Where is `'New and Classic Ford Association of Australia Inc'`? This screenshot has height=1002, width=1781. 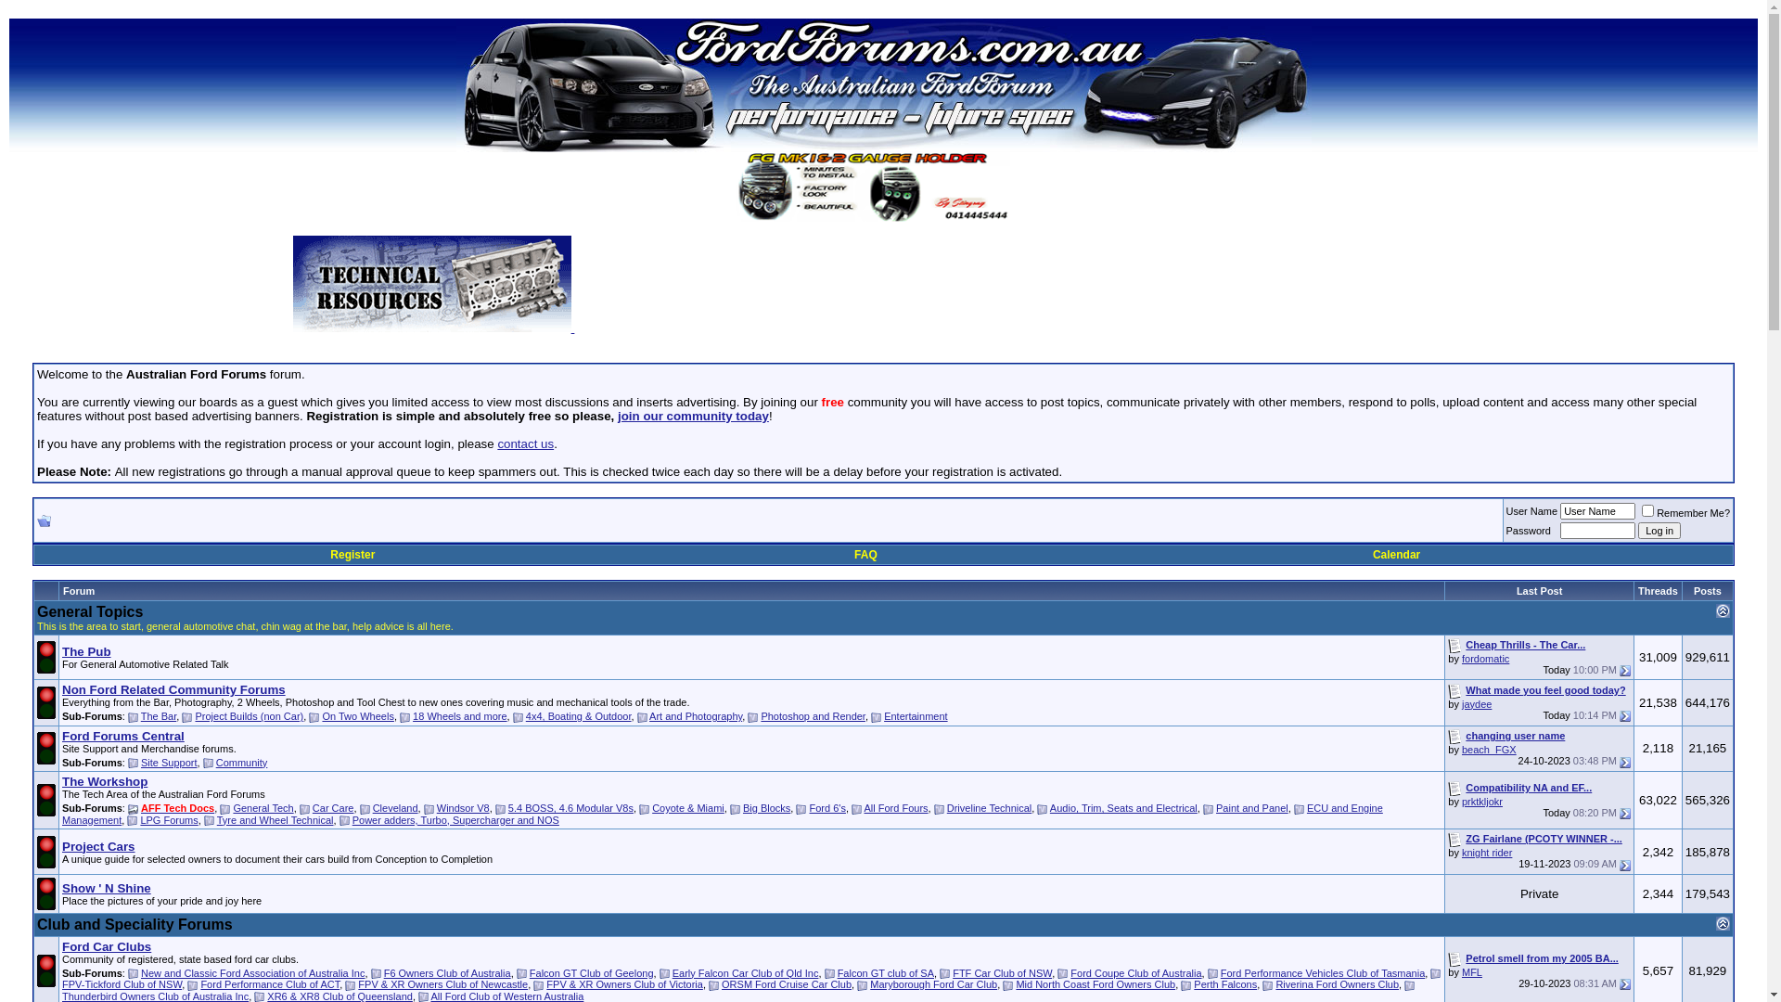 'New and Classic Ford Association of Australia Inc' is located at coordinates (252, 972).